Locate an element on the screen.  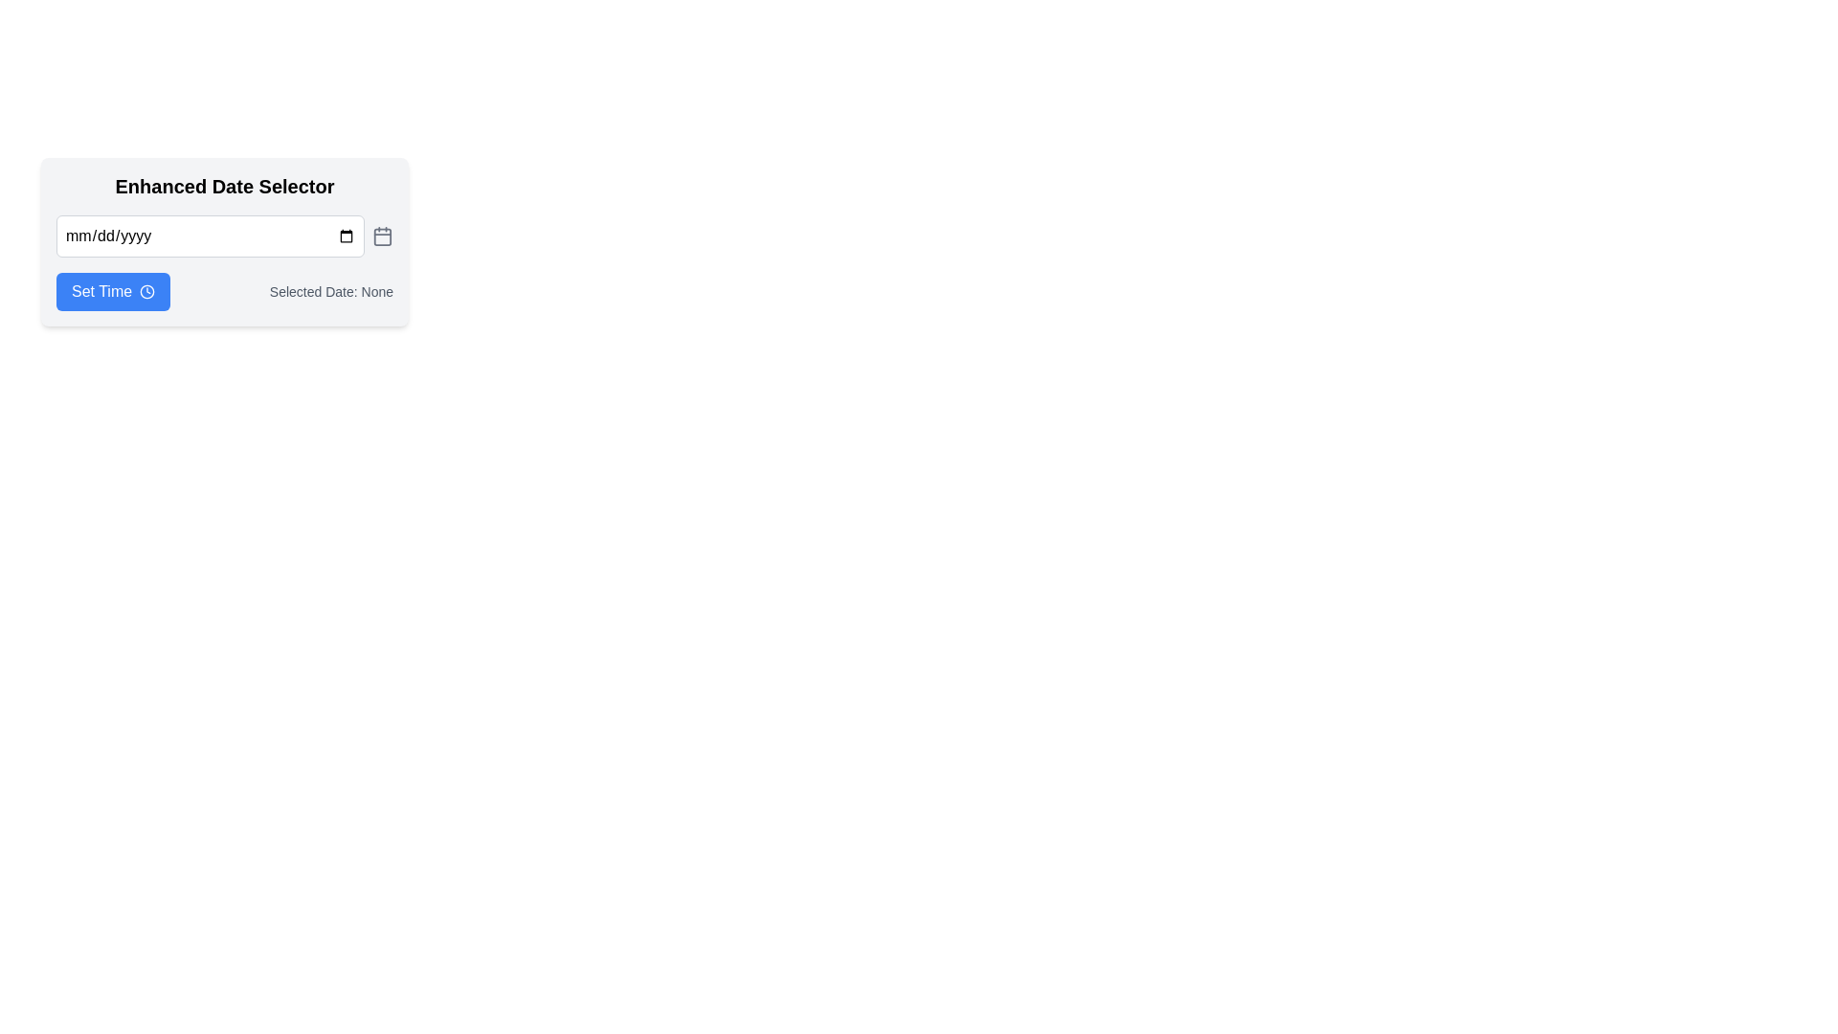
the bright blue button labeled 'Set Time' with a clock icon to observe its hover effect is located at coordinates (112, 291).